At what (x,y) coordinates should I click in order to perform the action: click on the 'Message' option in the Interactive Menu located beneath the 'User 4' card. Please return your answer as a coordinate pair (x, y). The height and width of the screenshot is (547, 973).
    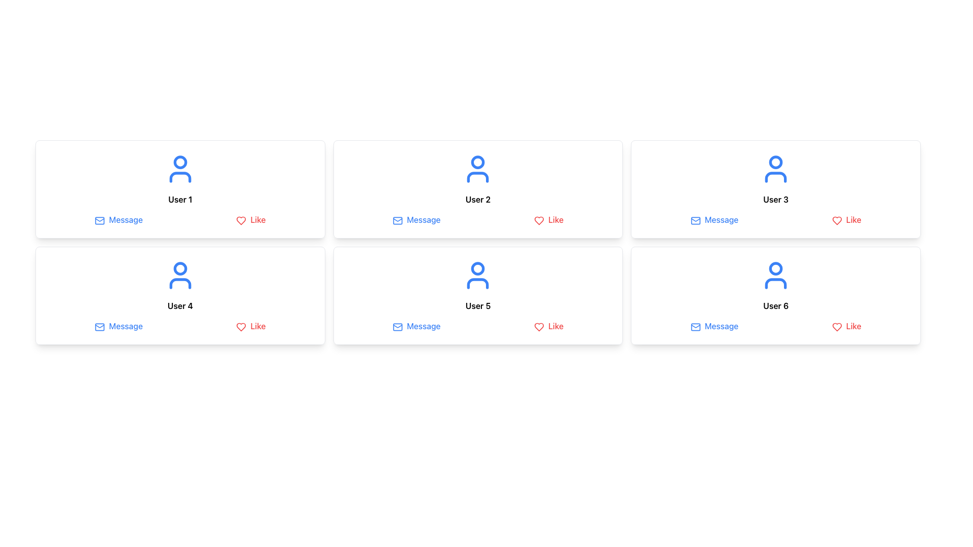
    Looking at the image, I should click on (180, 326).